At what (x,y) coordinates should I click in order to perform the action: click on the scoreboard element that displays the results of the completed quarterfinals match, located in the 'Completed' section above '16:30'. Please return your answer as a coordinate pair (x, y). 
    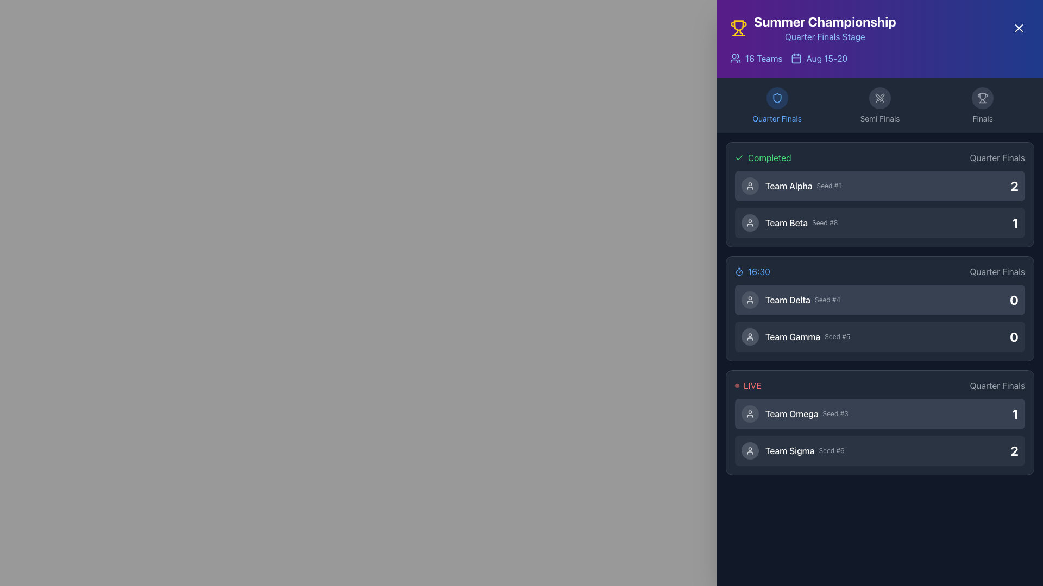
    Looking at the image, I should click on (880, 205).